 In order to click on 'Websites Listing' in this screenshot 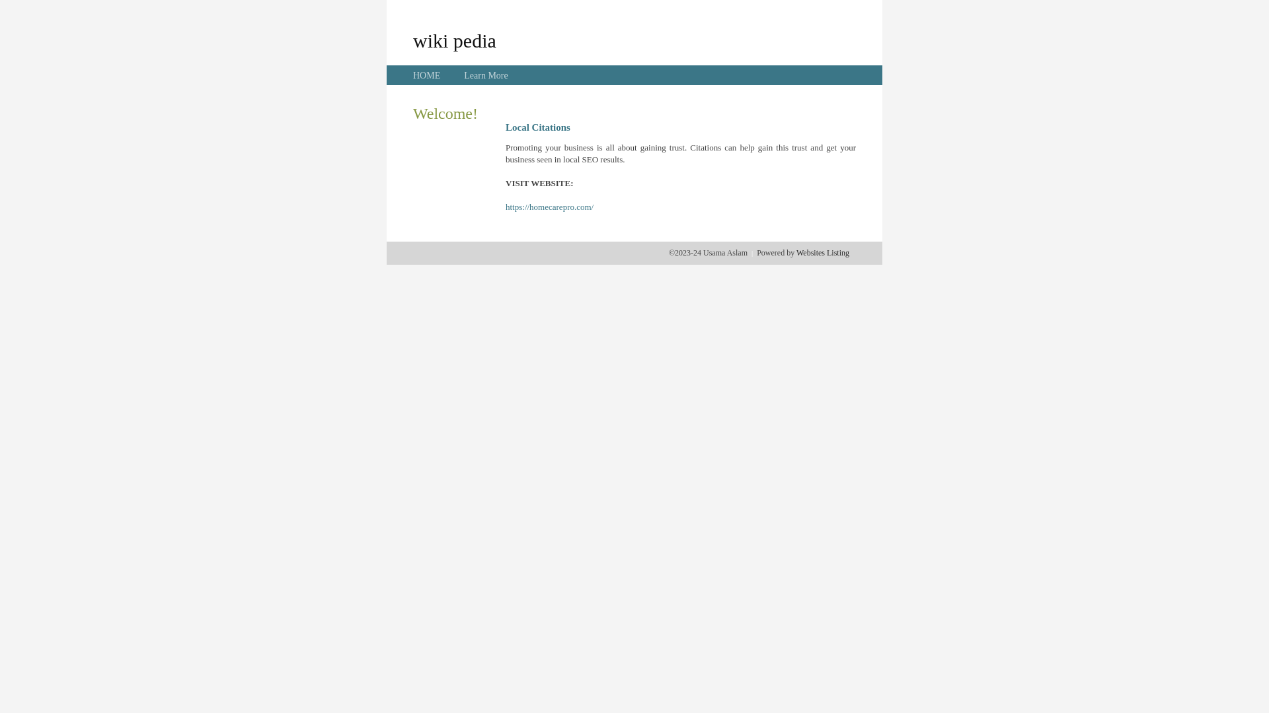, I will do `click(822, 252)`.